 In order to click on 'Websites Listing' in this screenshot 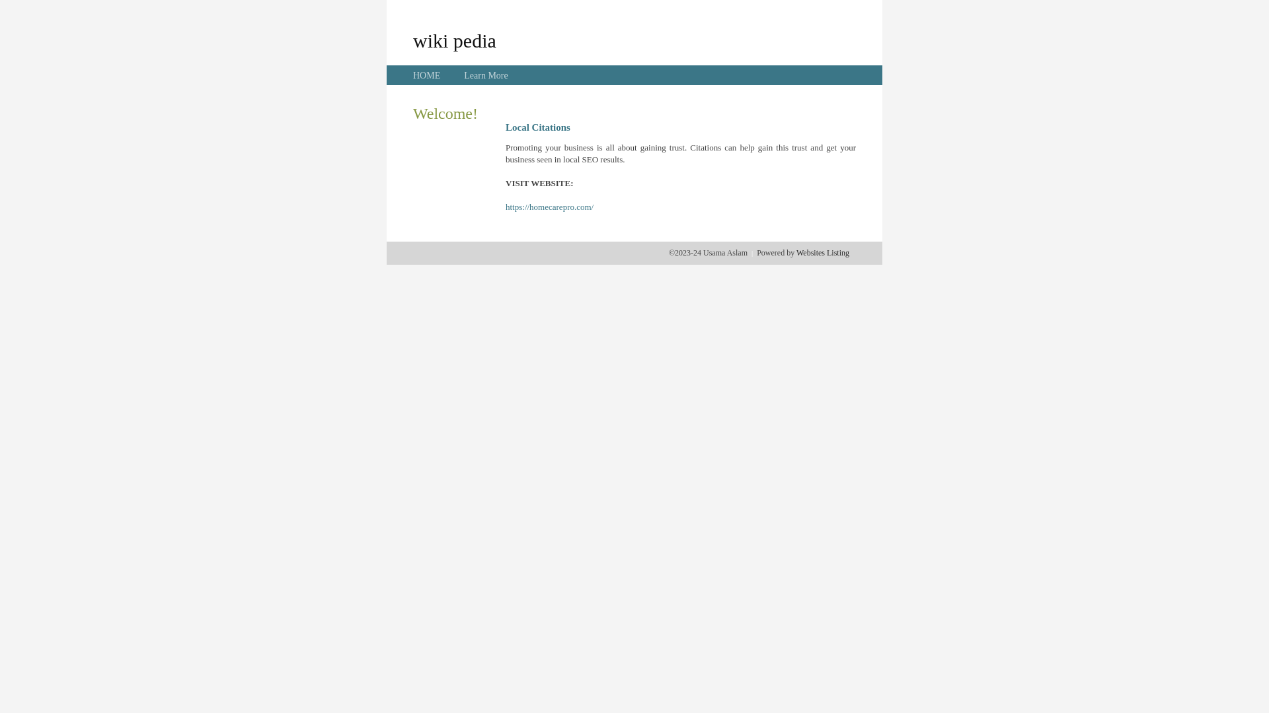, I will do `click(822, 252)`.